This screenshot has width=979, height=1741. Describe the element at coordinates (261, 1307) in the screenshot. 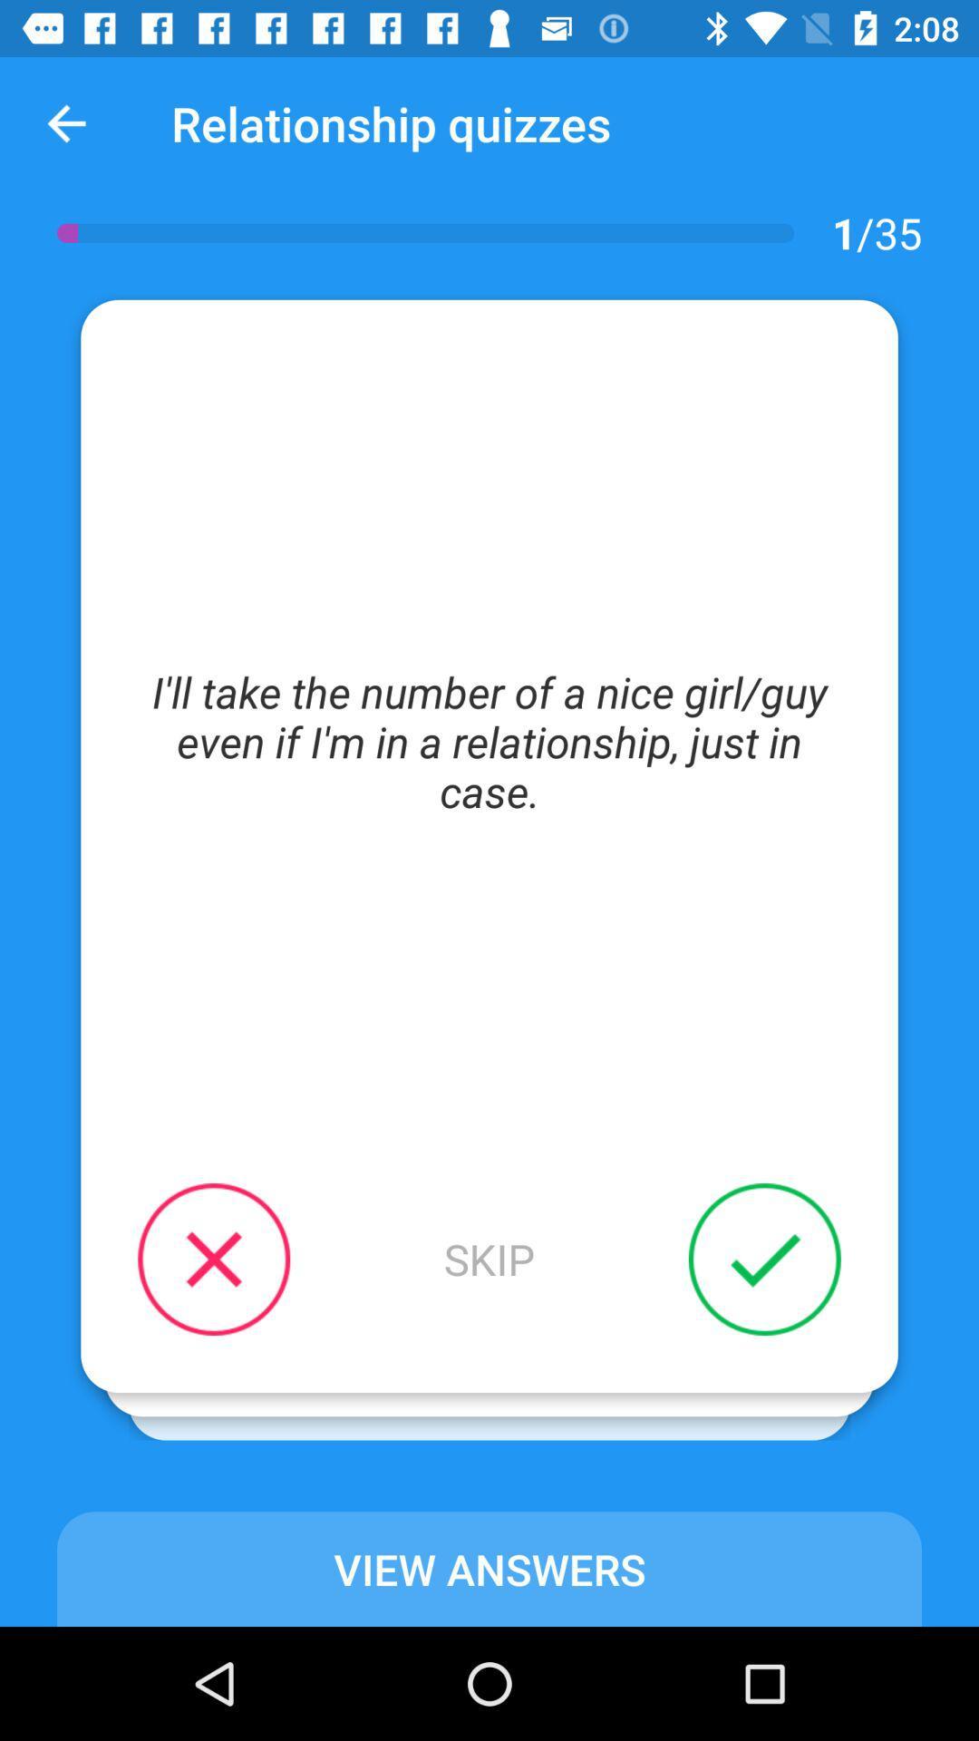

I see `the close icon` at that location.